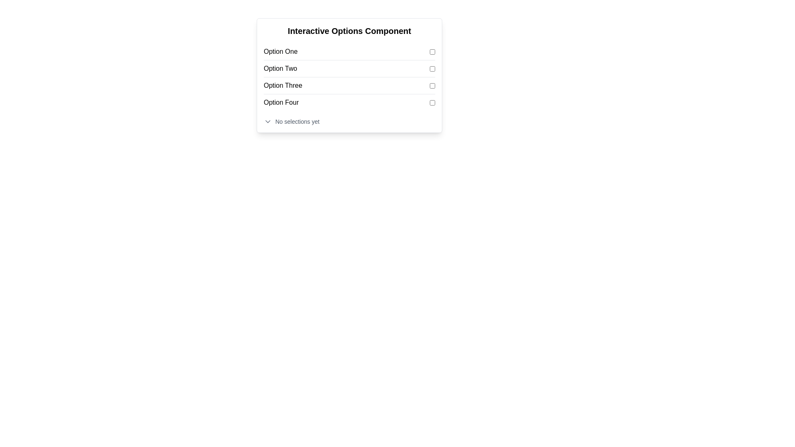 This screenshot has width=795, height=447. Describe the element at coordinates (432, 102) in the screenshot. I see `the checkbox for 'Option Four' located` at that location.